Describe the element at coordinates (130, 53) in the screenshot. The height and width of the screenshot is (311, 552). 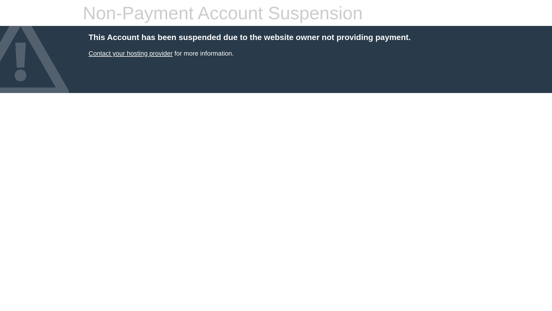
I see `'Contact your hosting provider'` at that location.